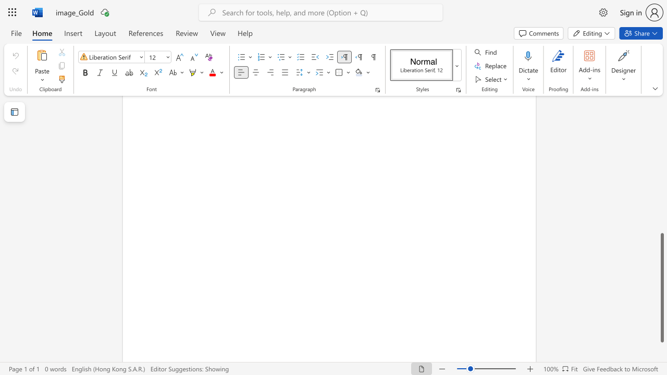 The image size is (667, 375). Describe the element at coordinates (661, 141) in the screenshot. I see `the scrollbar to move the content higher` at that location.